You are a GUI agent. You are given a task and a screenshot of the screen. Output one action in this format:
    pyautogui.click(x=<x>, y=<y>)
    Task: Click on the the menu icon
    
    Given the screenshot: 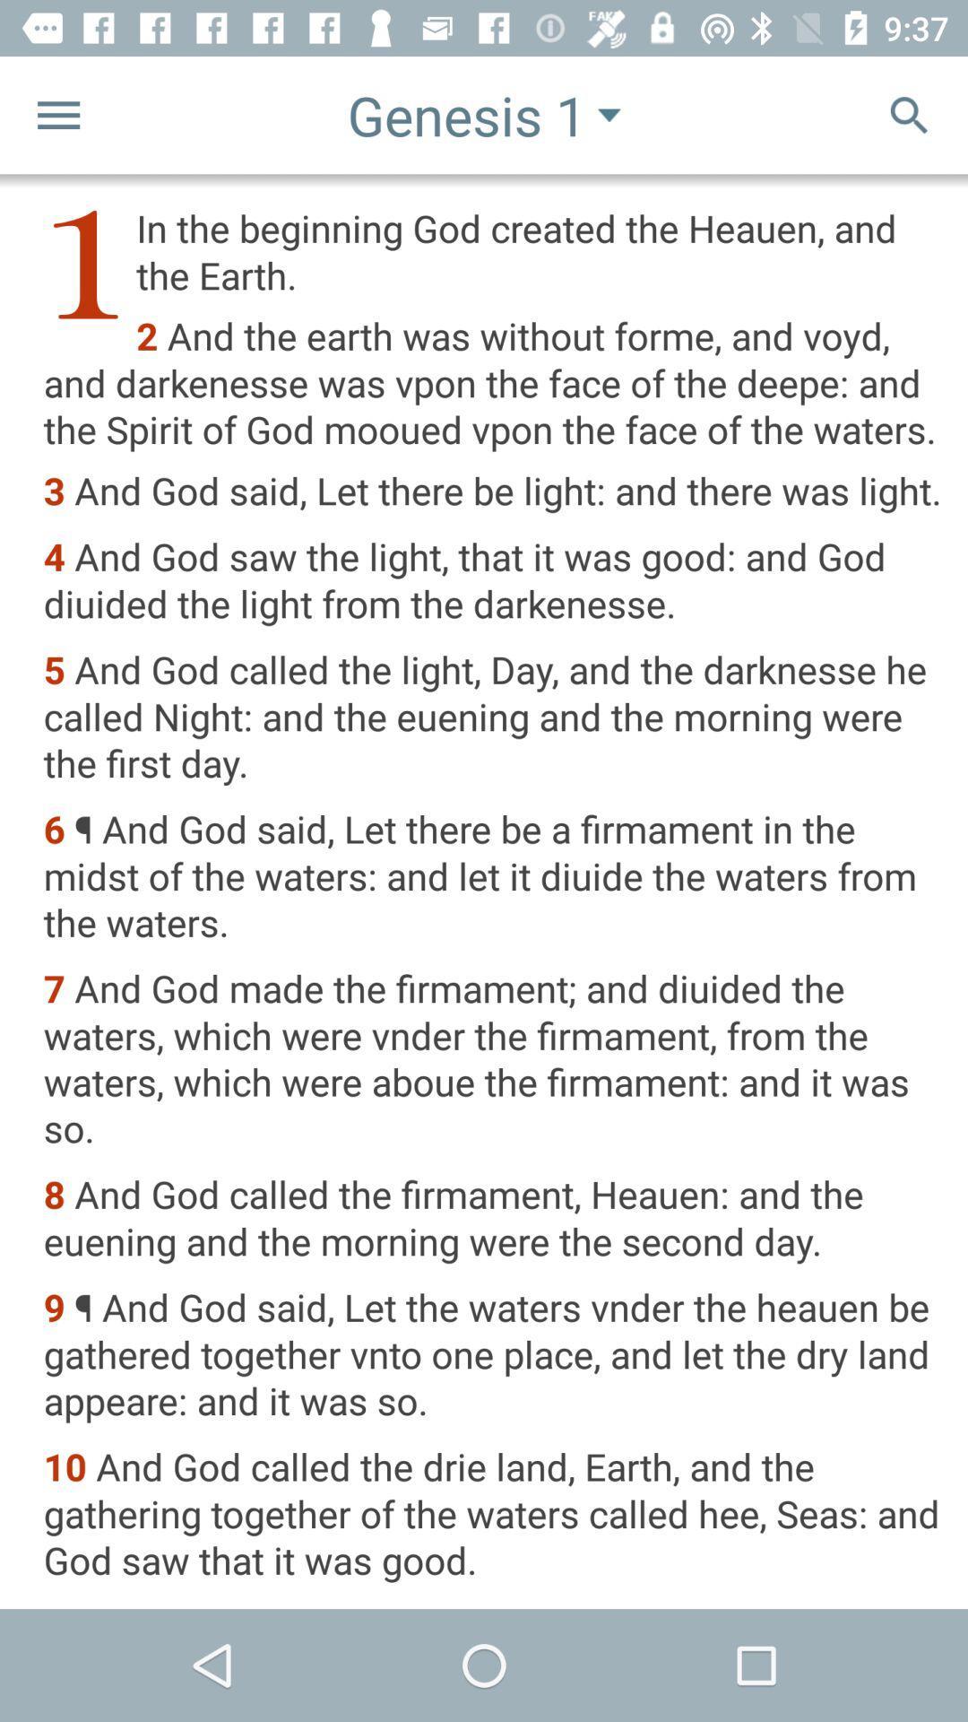 What is the action you would take?
    pyautogui.click(x=57, y=114)
    